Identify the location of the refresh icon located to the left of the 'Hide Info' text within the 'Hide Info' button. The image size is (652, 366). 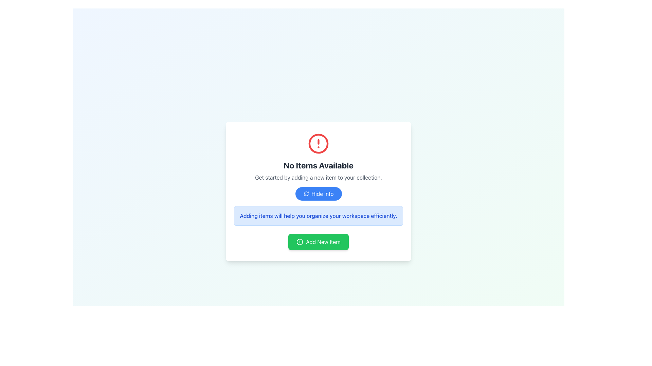
(306, 194).